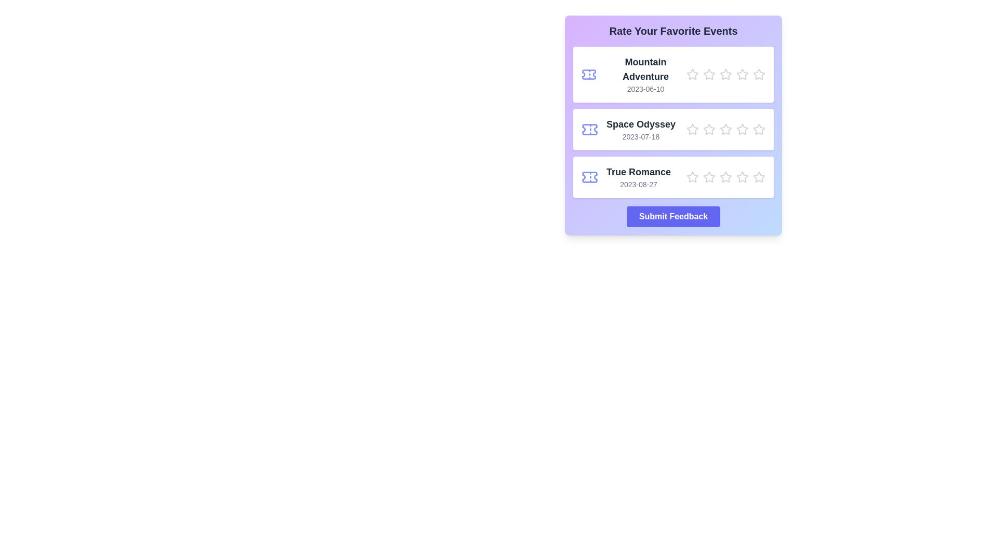  What do you see at coordinates (693, 177) in the screenshot?
I see `the star corresponding to the rating 1 for the movie True Romance` at bounding box center [693, 177].